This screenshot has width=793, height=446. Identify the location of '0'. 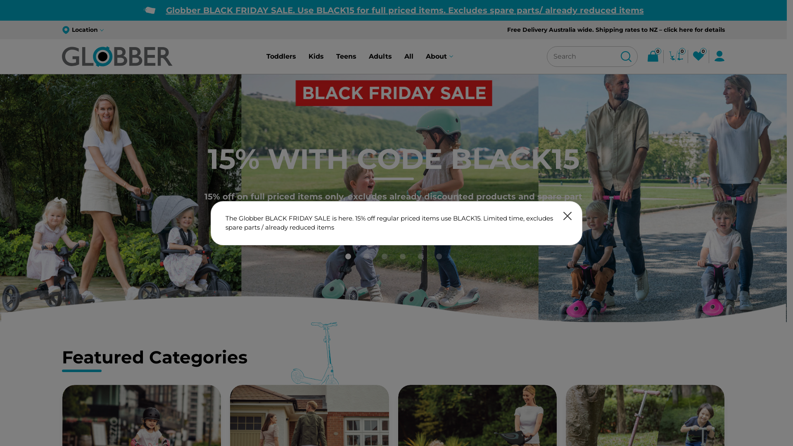
(652, 56).